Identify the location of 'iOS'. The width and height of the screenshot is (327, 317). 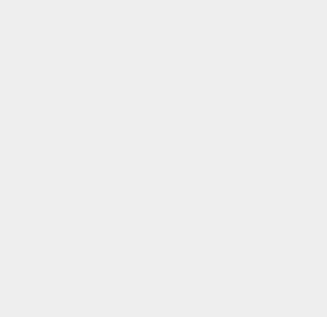
(234, 2).